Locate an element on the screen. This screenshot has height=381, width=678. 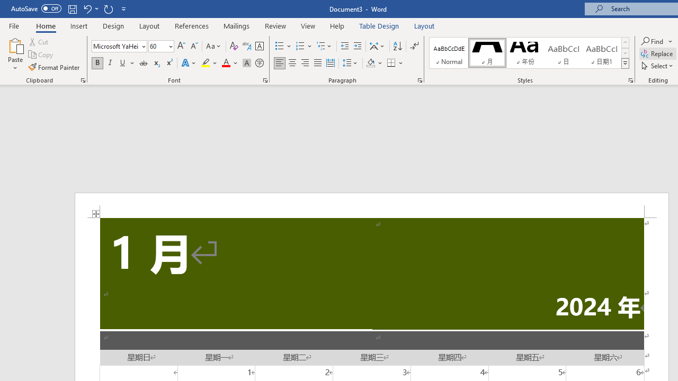
'Repeat Doc Close' is located at coordinates (108, 8).